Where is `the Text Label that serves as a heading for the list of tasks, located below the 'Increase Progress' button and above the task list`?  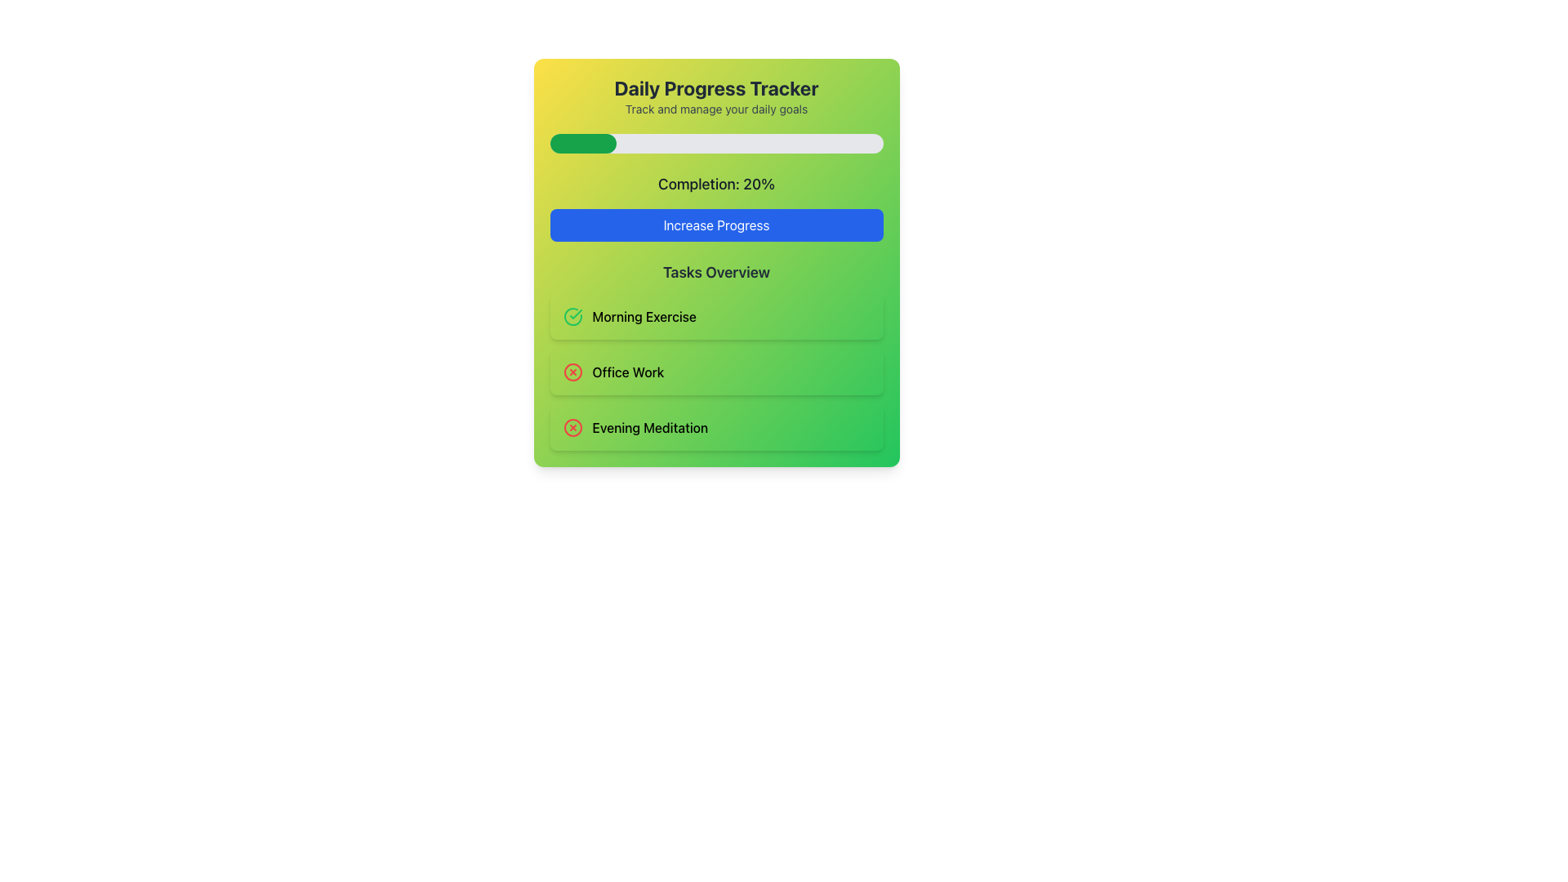 the Text Label that serves as a heading for the list of tasks, located below the 'Increase Progress' button and above the task list is located at coordinates (716, 272).